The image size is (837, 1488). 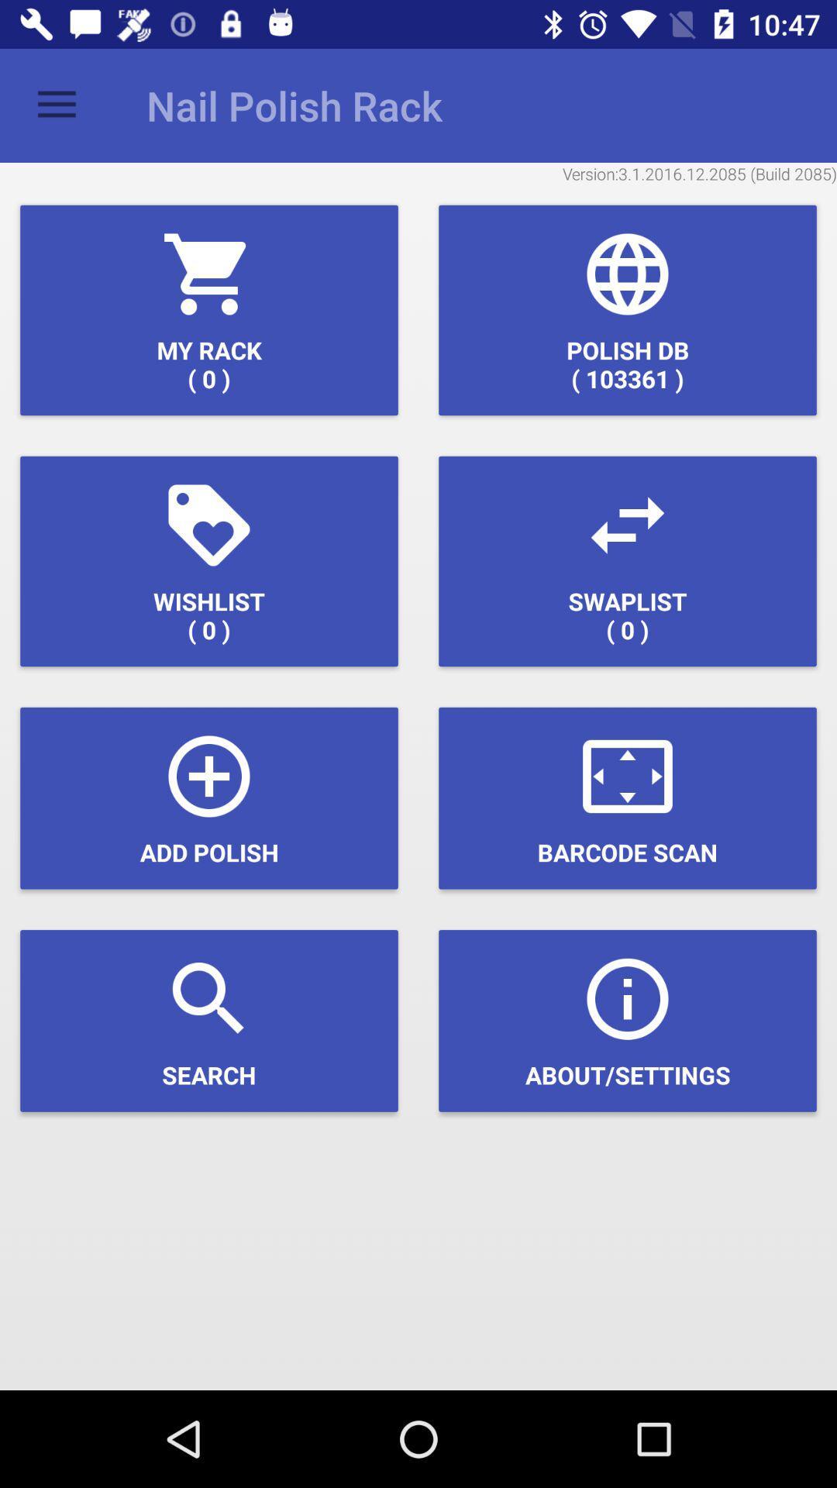 What do you see at coordinates (209, 560) in the screenshot?
I see `the item below my rack` at bounding box center [209, 560].